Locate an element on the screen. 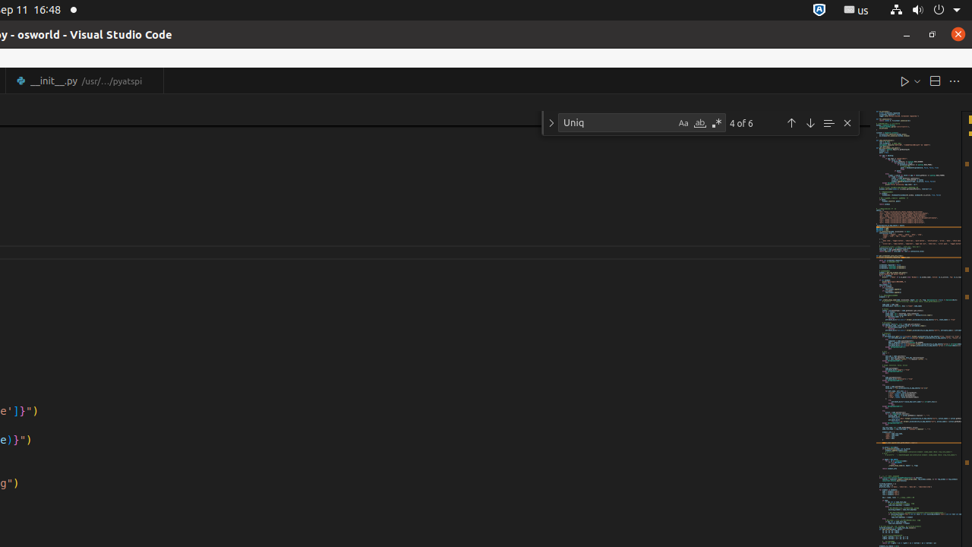 Image resolution: width=972 pixels, height=547 pixels. 'Previous Match (Shift+Enter)' is located at coordinates (791, 122).